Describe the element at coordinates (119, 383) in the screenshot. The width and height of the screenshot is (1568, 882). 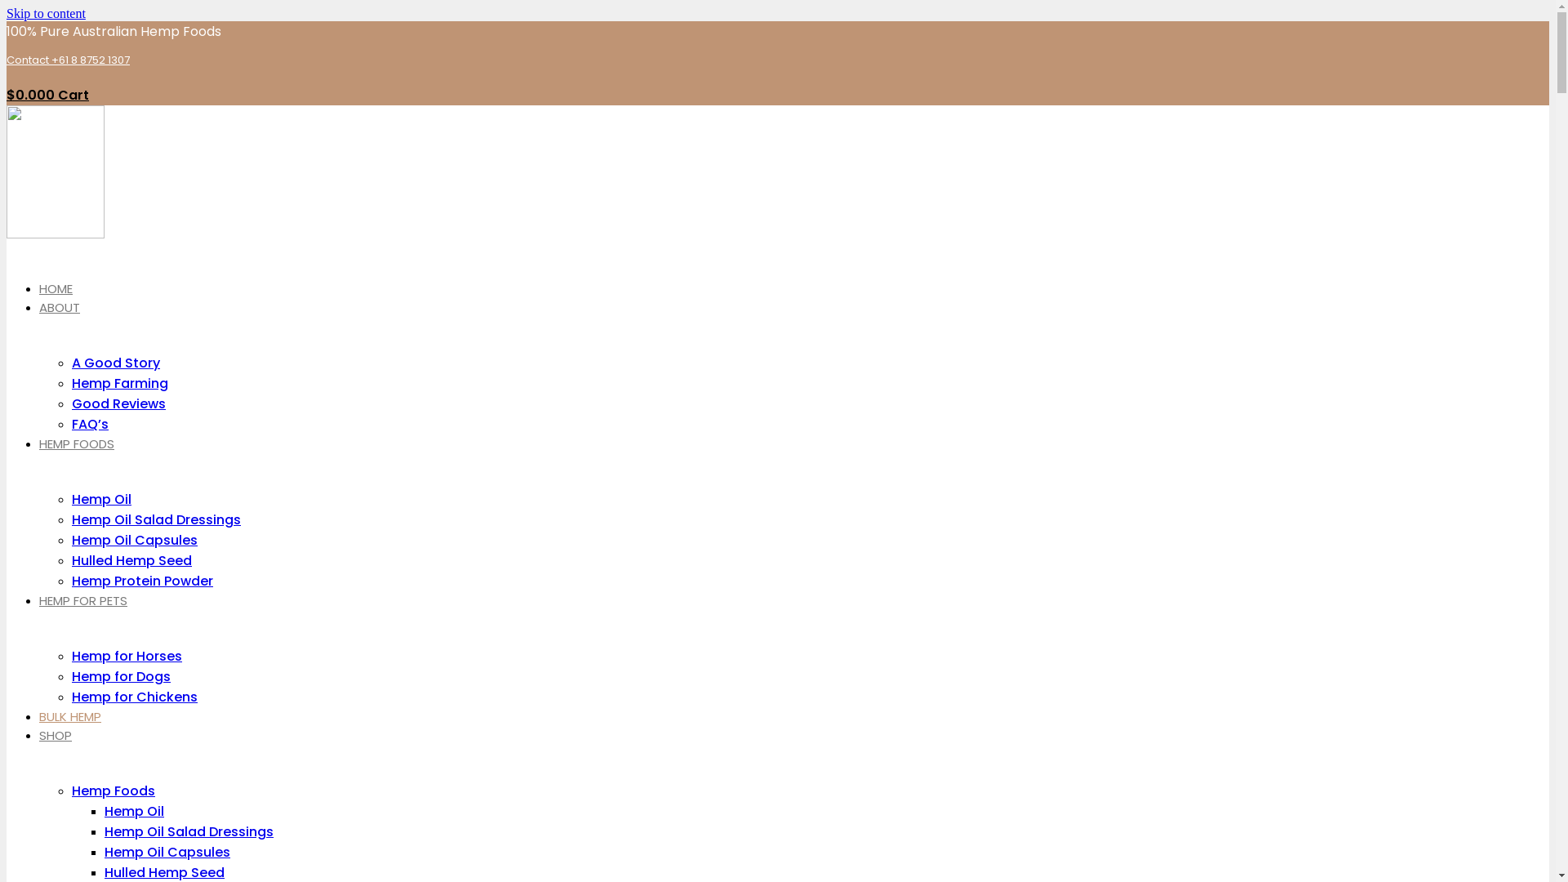
I see `'Hemp Farming'` at that location.